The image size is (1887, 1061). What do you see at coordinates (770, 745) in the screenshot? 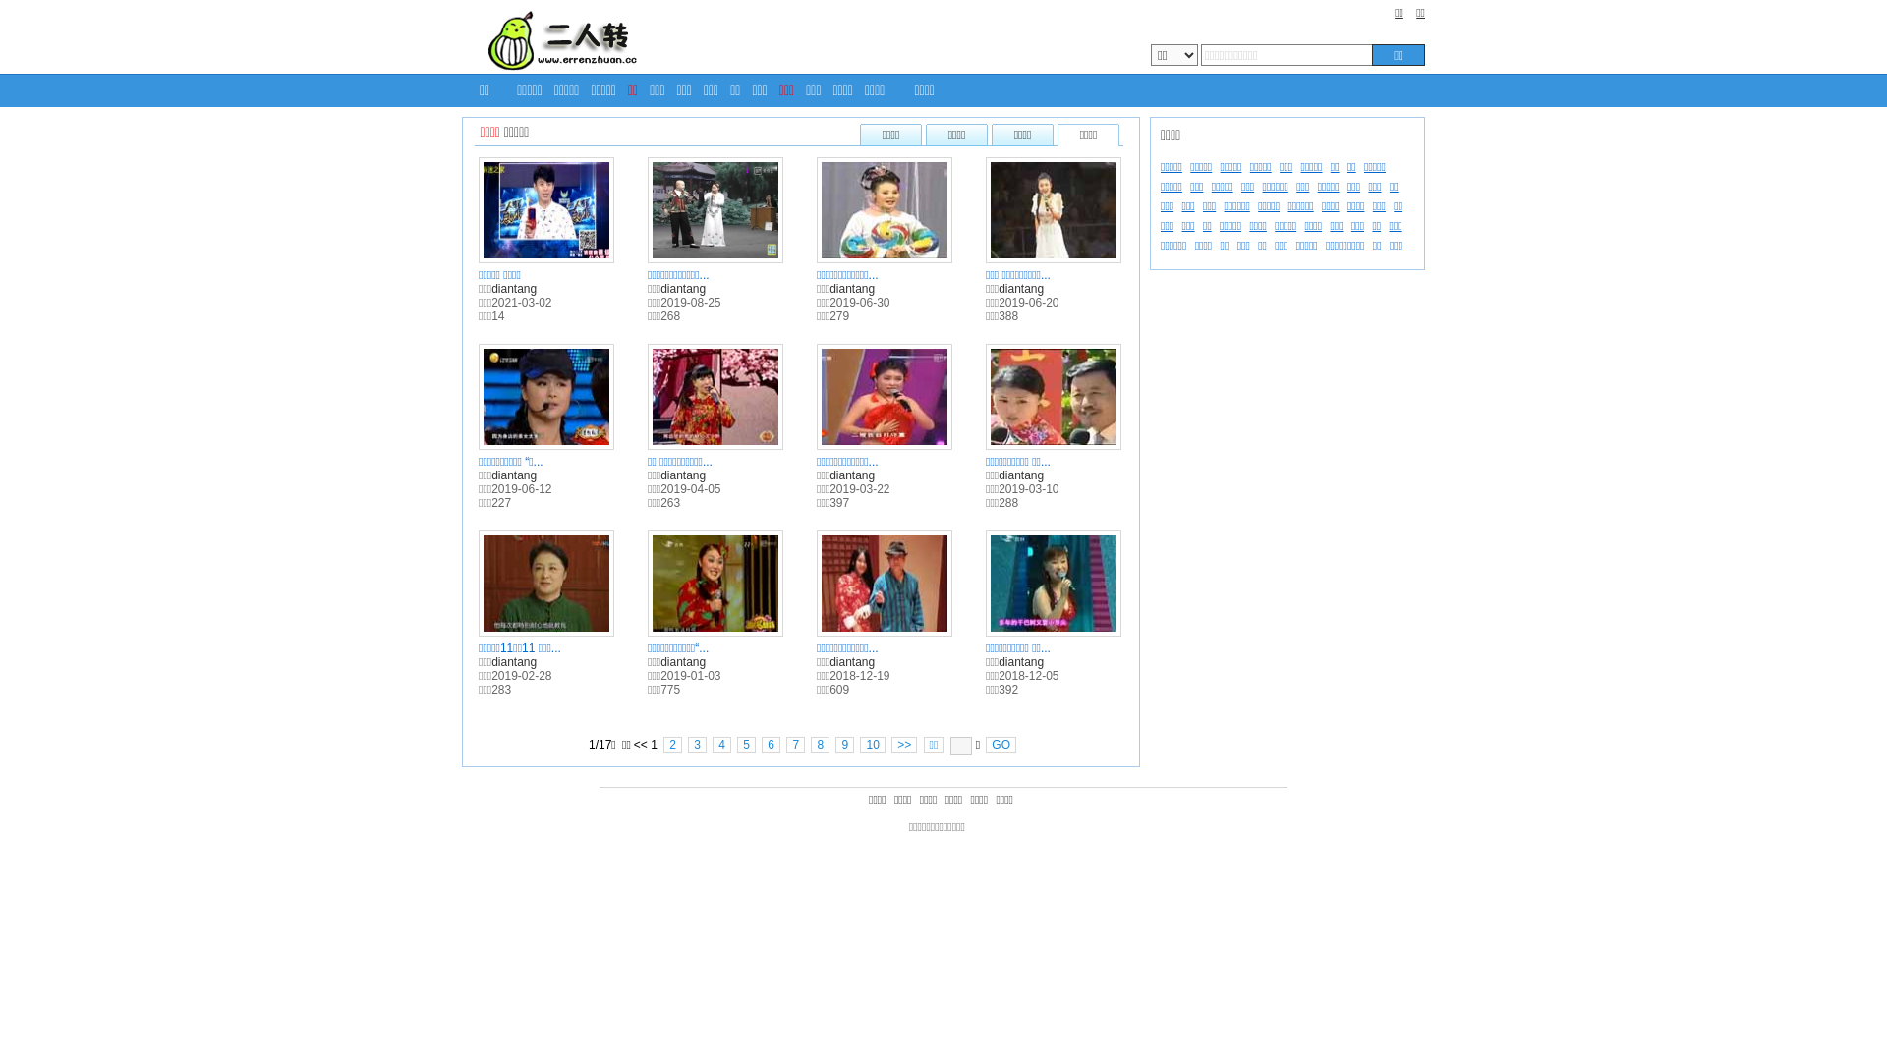
I see `'6'` at bounding box center [770, 745].